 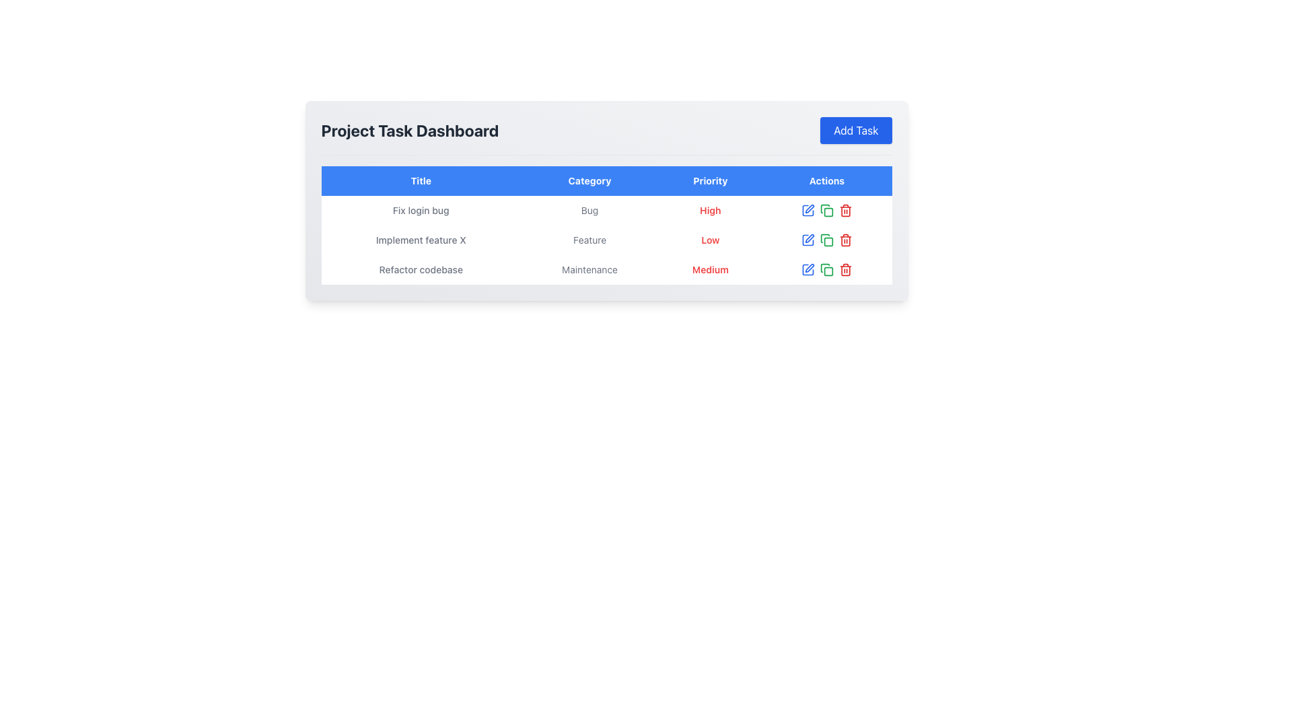 I want to click on the middle 'Duplicate' action icon in the second row of the table's 'Actions' column, so click(x=824, y=209).